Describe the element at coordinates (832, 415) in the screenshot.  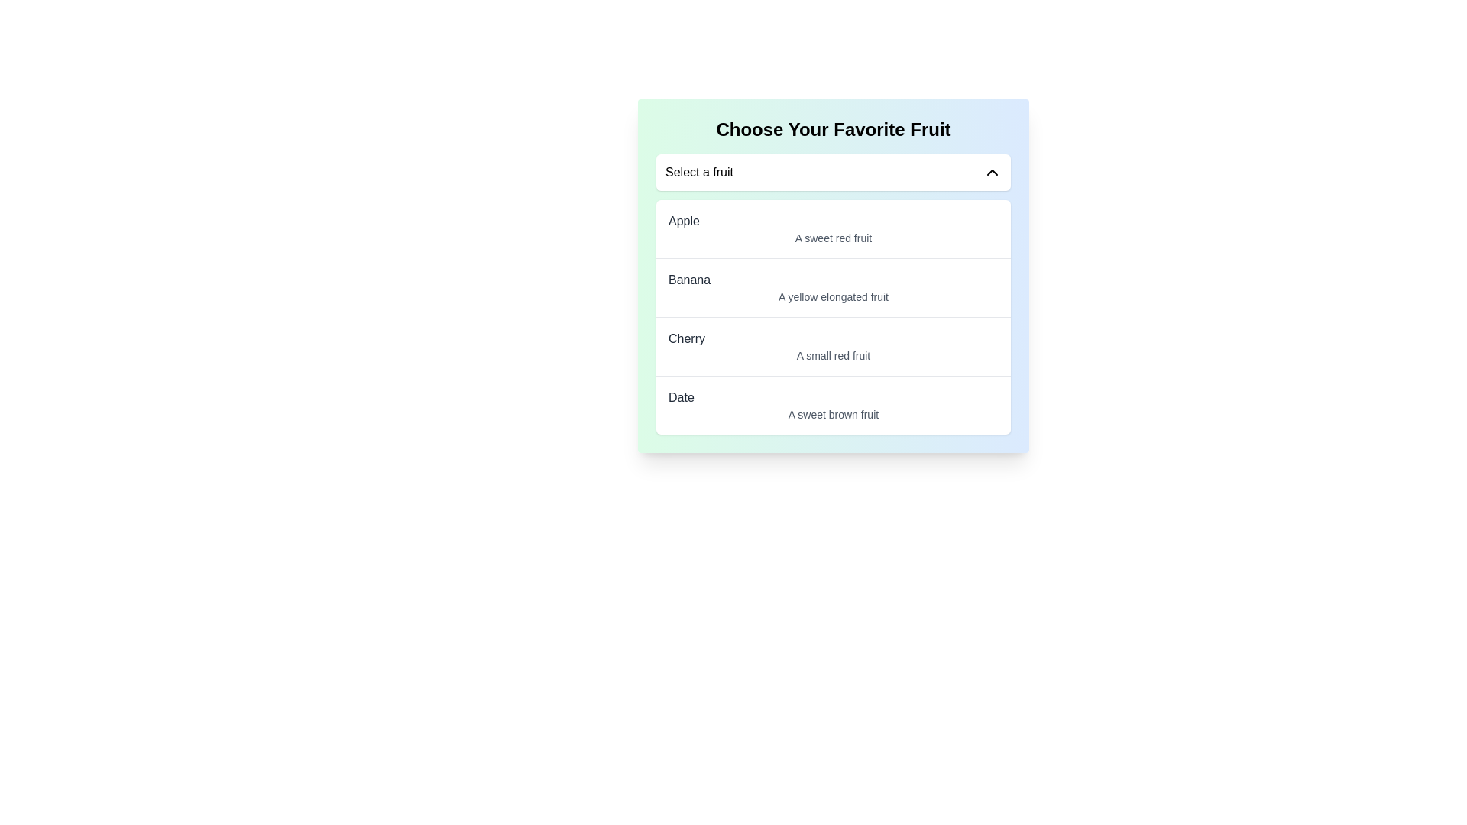
I see `description displayed by the Text label located below the 'Date' option in the dropdown menu for additional contextual information` at that location.